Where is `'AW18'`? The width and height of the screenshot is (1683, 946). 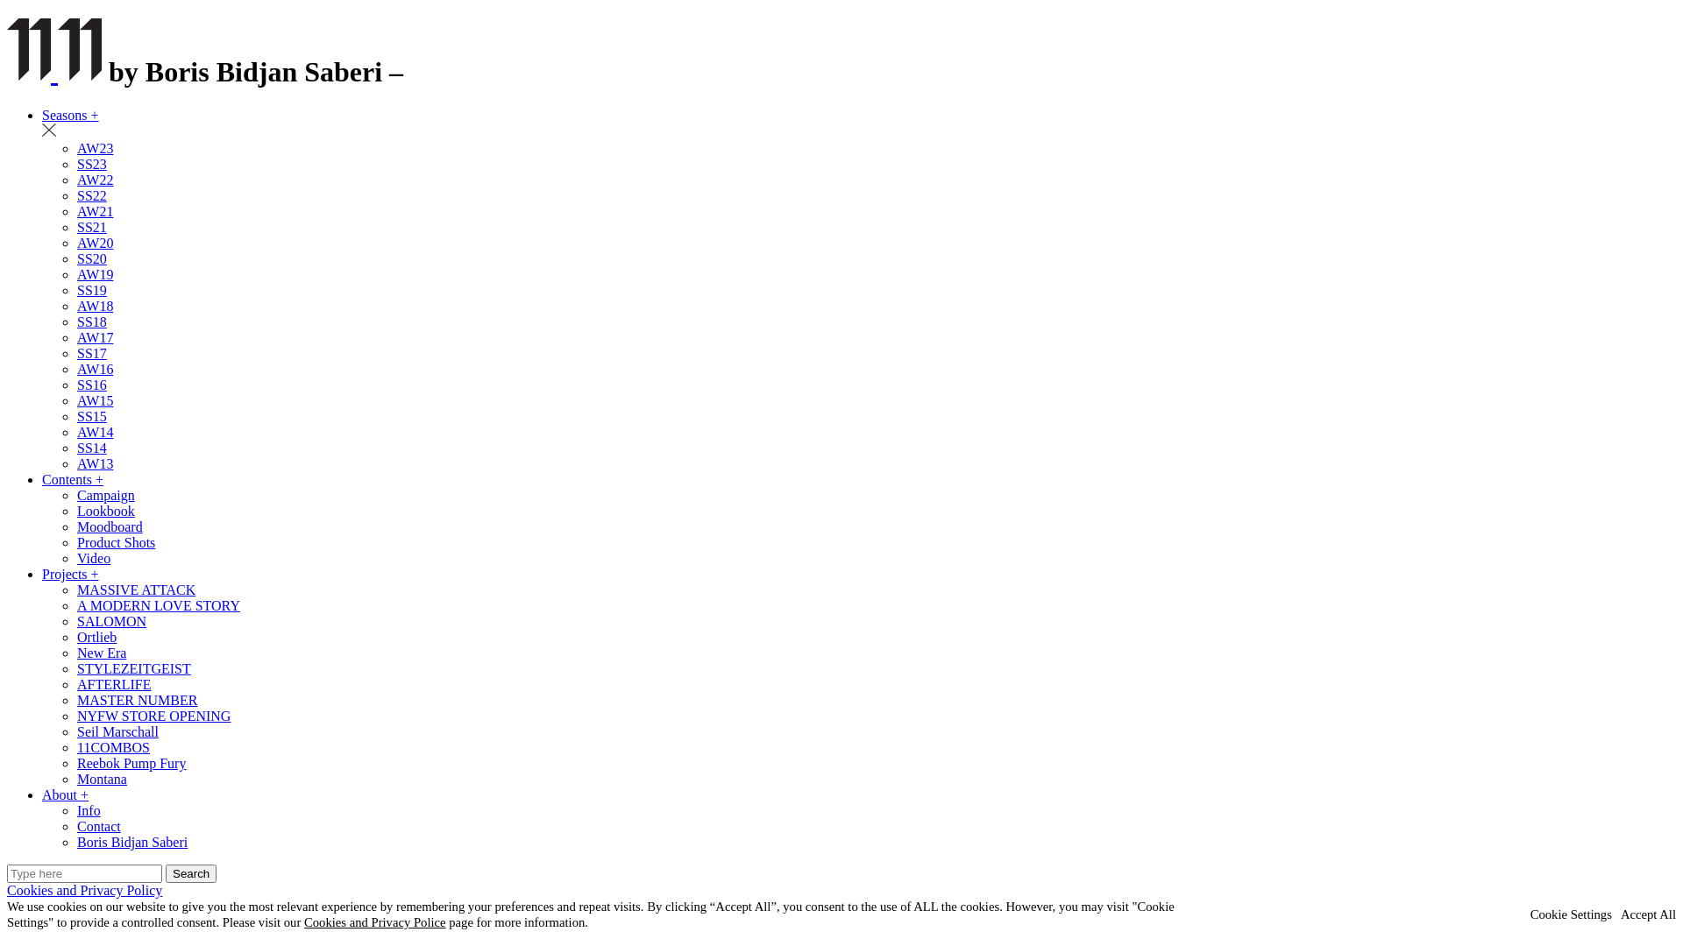 'AW18' is located at coordinates (75, 305).